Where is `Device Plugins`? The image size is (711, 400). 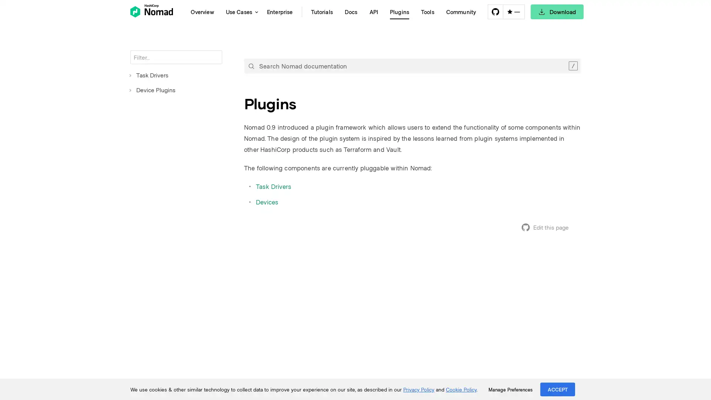
Device Plugins is located at coordinates (152, 90).